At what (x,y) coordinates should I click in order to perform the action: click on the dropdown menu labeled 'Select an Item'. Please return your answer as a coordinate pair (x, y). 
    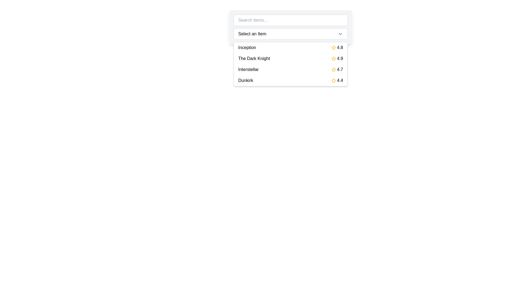
    Looking at the image, I should click on (290, 34).